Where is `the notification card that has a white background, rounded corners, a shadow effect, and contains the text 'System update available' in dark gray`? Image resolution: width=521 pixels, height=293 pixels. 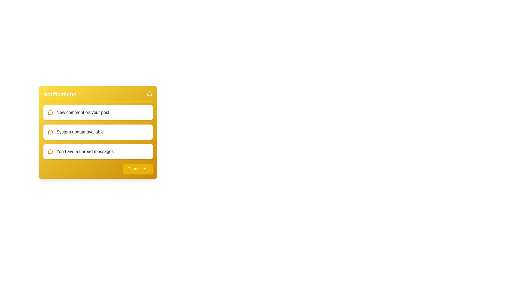 the notification card that has a white background, rounded corners, a shadow effect, and contains the text 'System update available' in dark gray is located at coordinates (98, 132).